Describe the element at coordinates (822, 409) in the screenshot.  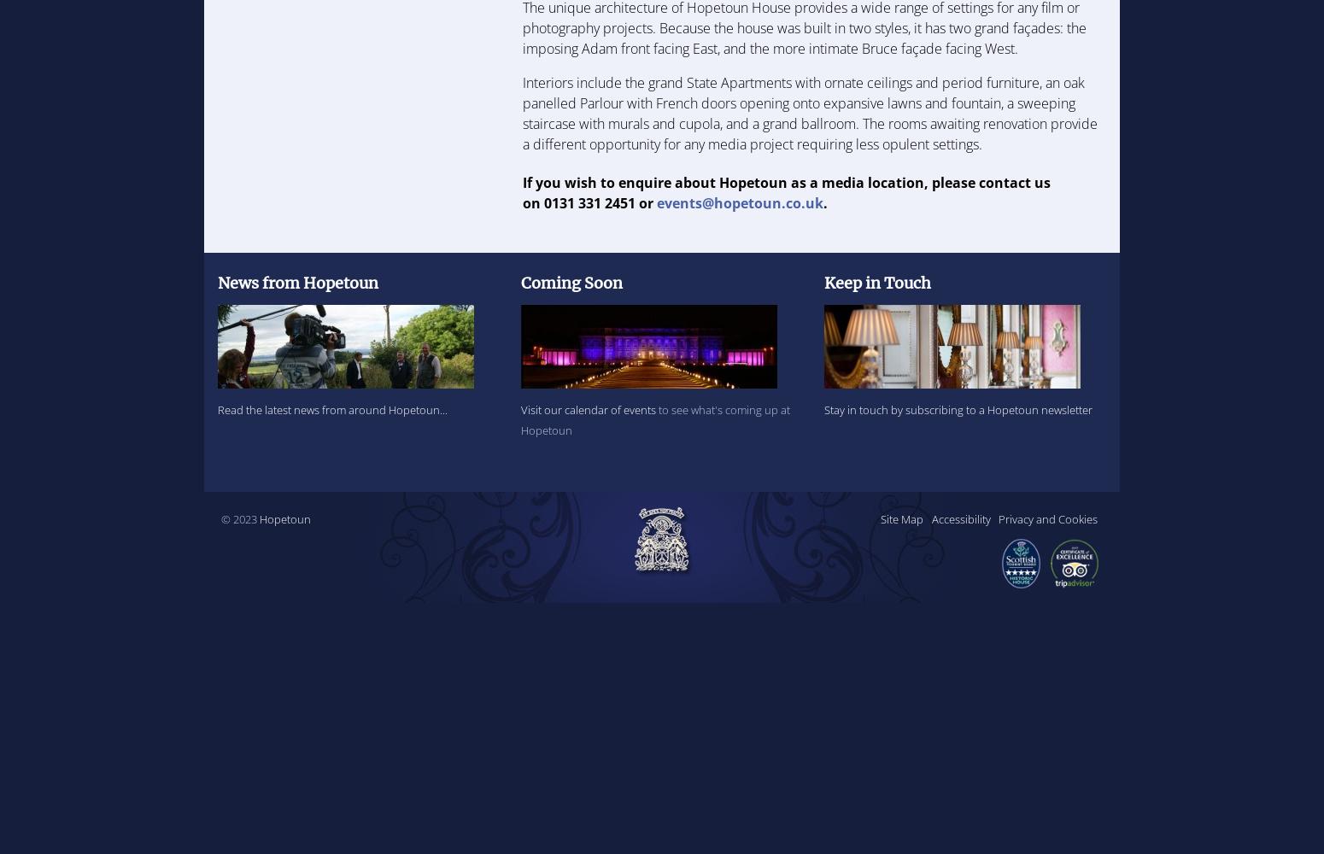
I see `'Stay in touch by subscribing to a Hopetoun newsletter'` at that location.